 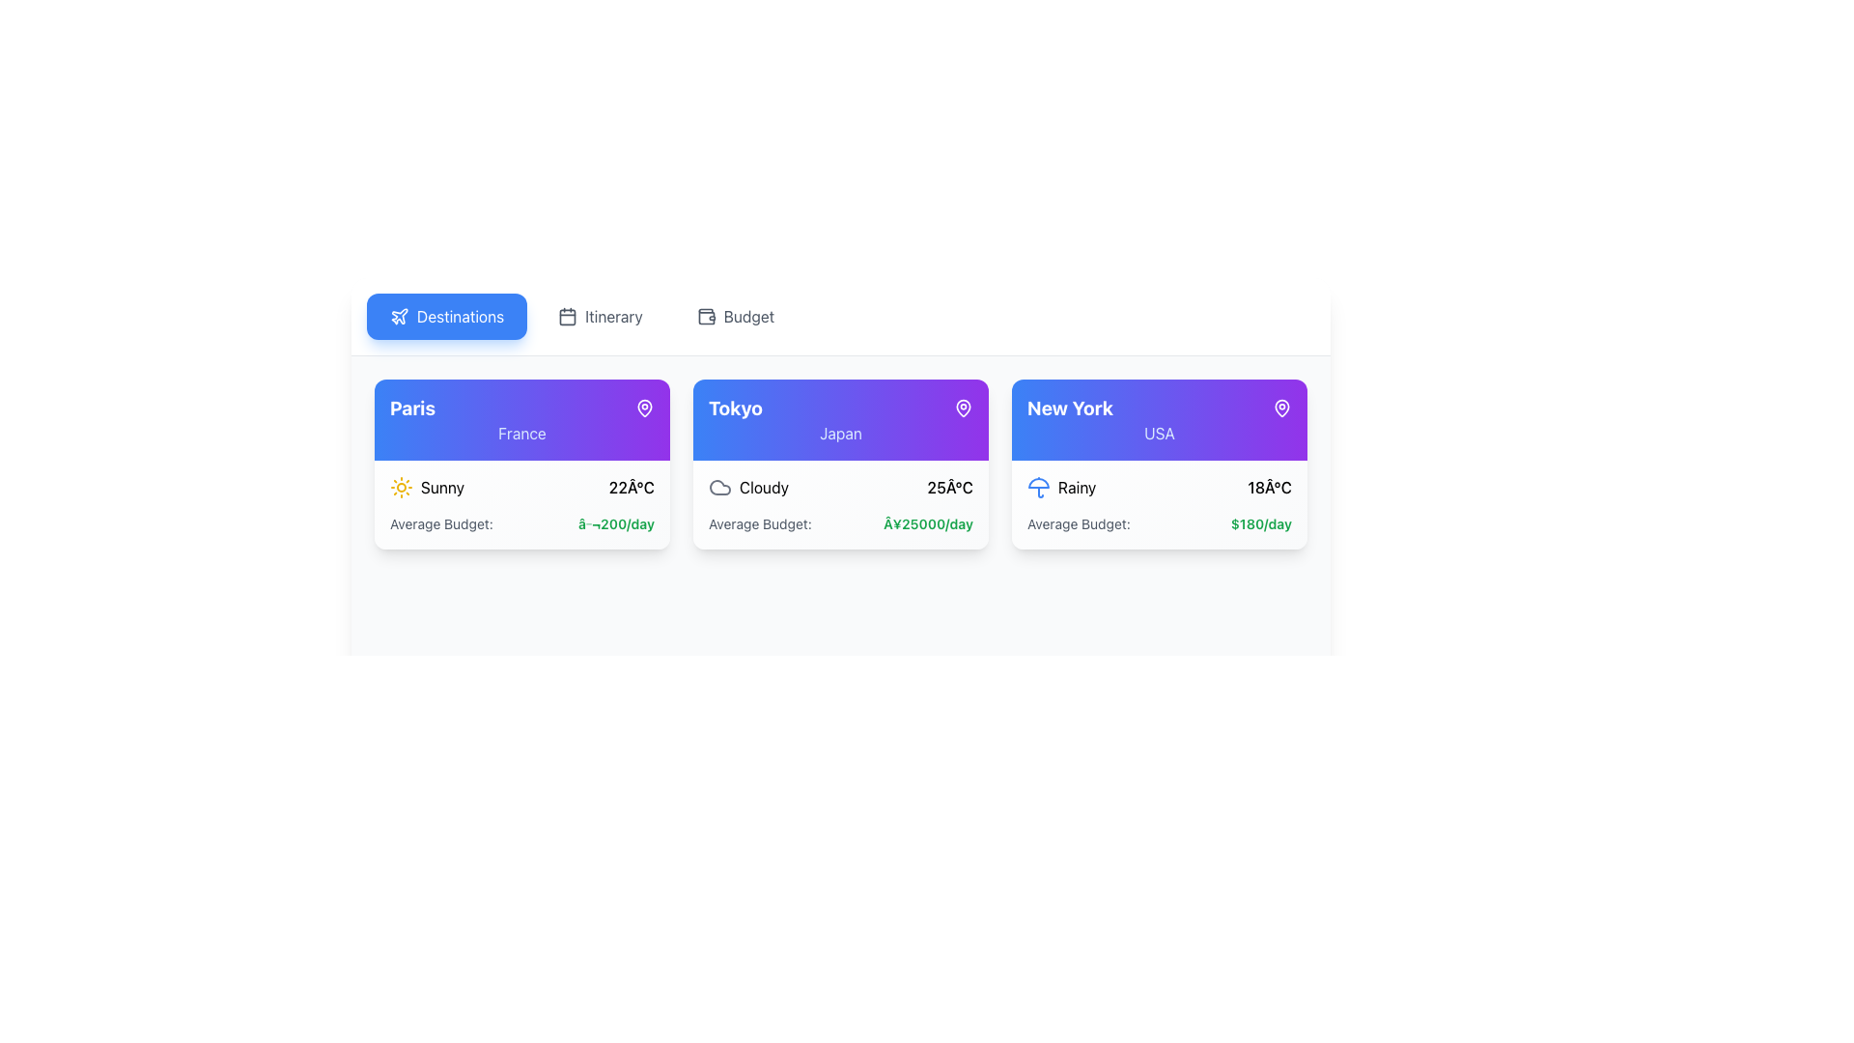 What do you see at coordinates (718, 487) in the screenshot?
I see `the cloud icon, which is an SVG representation with rounded edges and gray color, located to the left of the text 'Cloudy' in the Tokyo card's weather description section` at bounding box center [718, 487].